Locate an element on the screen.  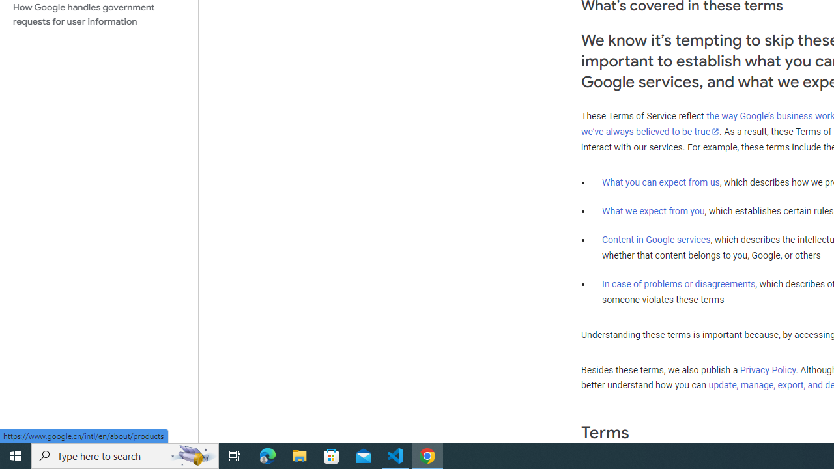
'What we expect from you' is located at coordinates (653, 210).